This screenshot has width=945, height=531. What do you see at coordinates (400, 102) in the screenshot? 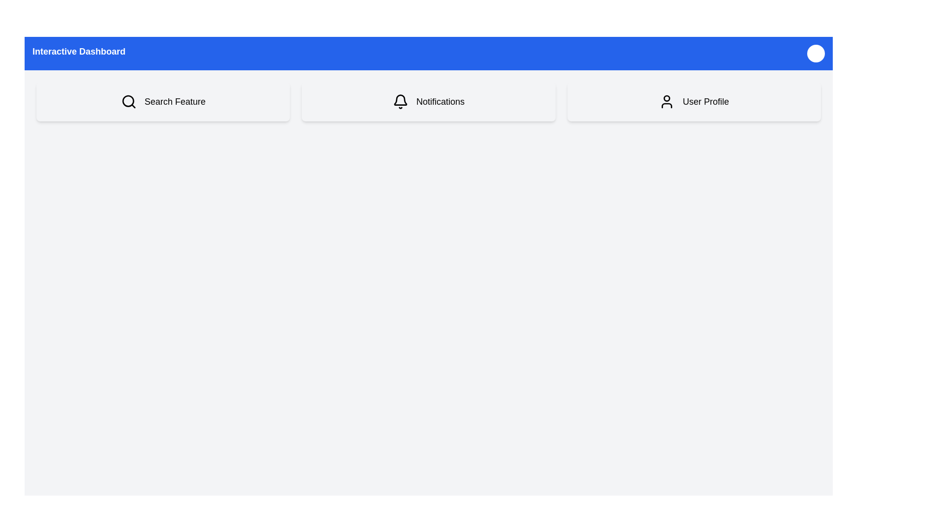
I see `the bell icon located to the left of the 'Notifications' text in the central card of the dashboard interface` at bounding box center [400, 102].